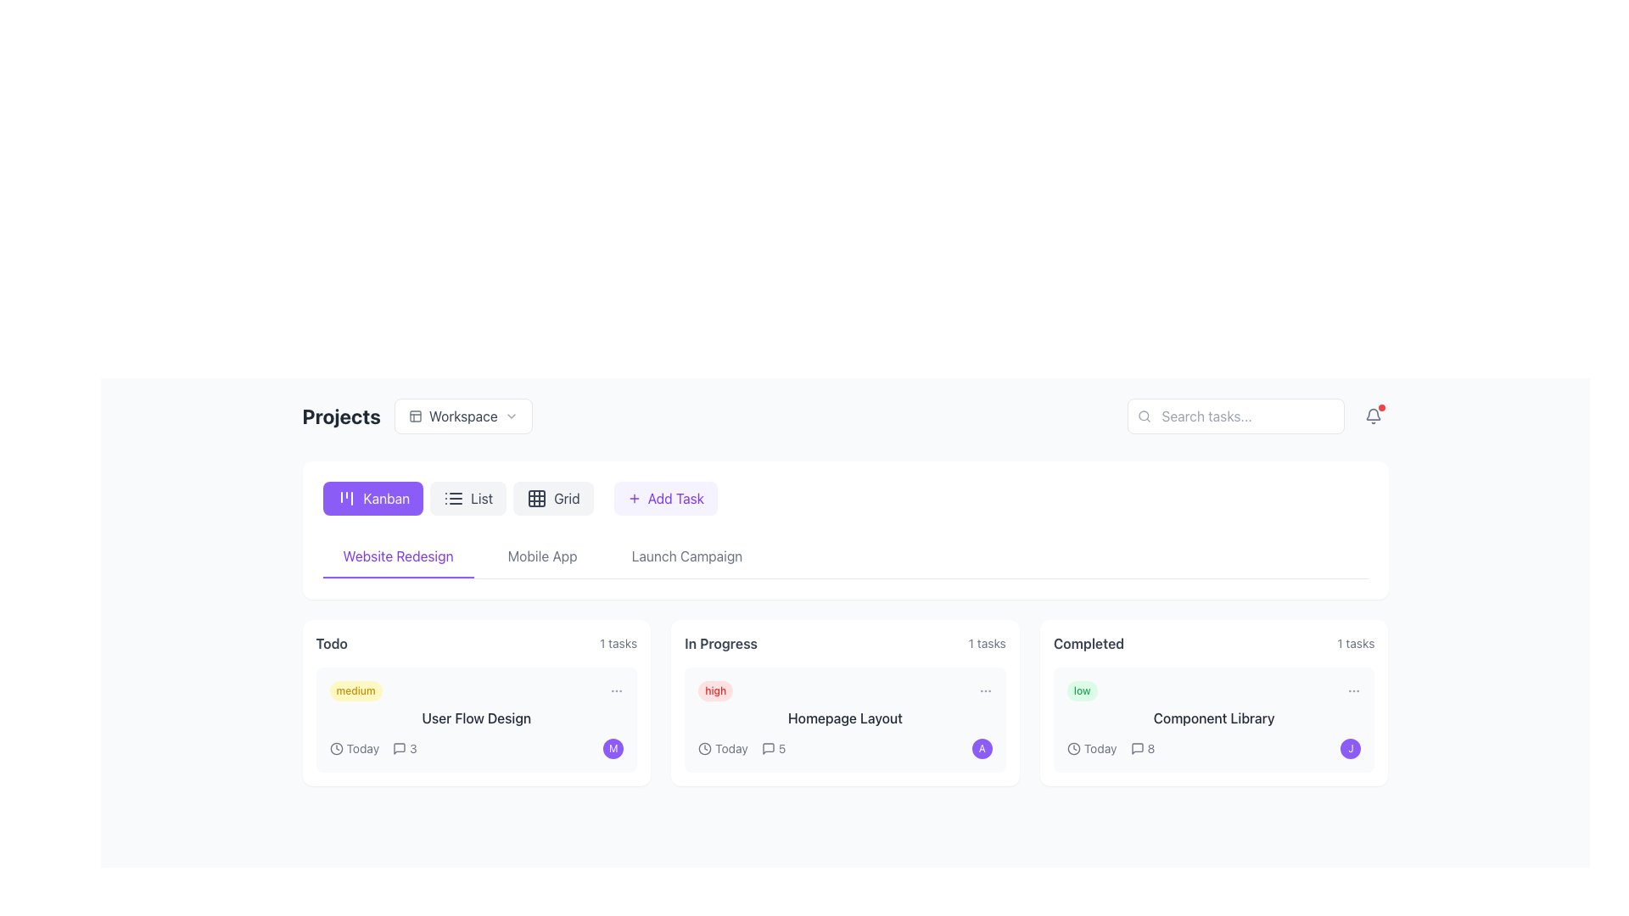  Describe the element at coordinates (372, 497) in the screenshot. I see `the Kanban view button, which is the first button in a row of three in the navigation bar` at that location.